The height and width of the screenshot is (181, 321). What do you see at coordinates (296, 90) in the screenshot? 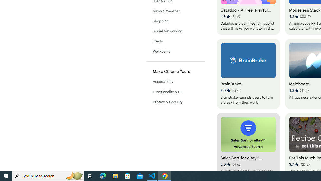
I see `'Average rating 4.8 out of 5 stars. 4 ratings.'` at bounding box center [296, 90].